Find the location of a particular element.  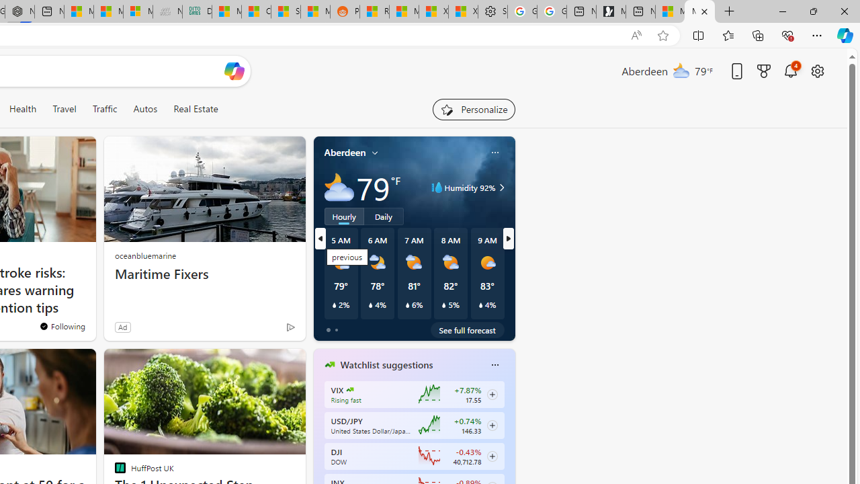

'oceanbluemarine' is located at coordinates (145, 255).